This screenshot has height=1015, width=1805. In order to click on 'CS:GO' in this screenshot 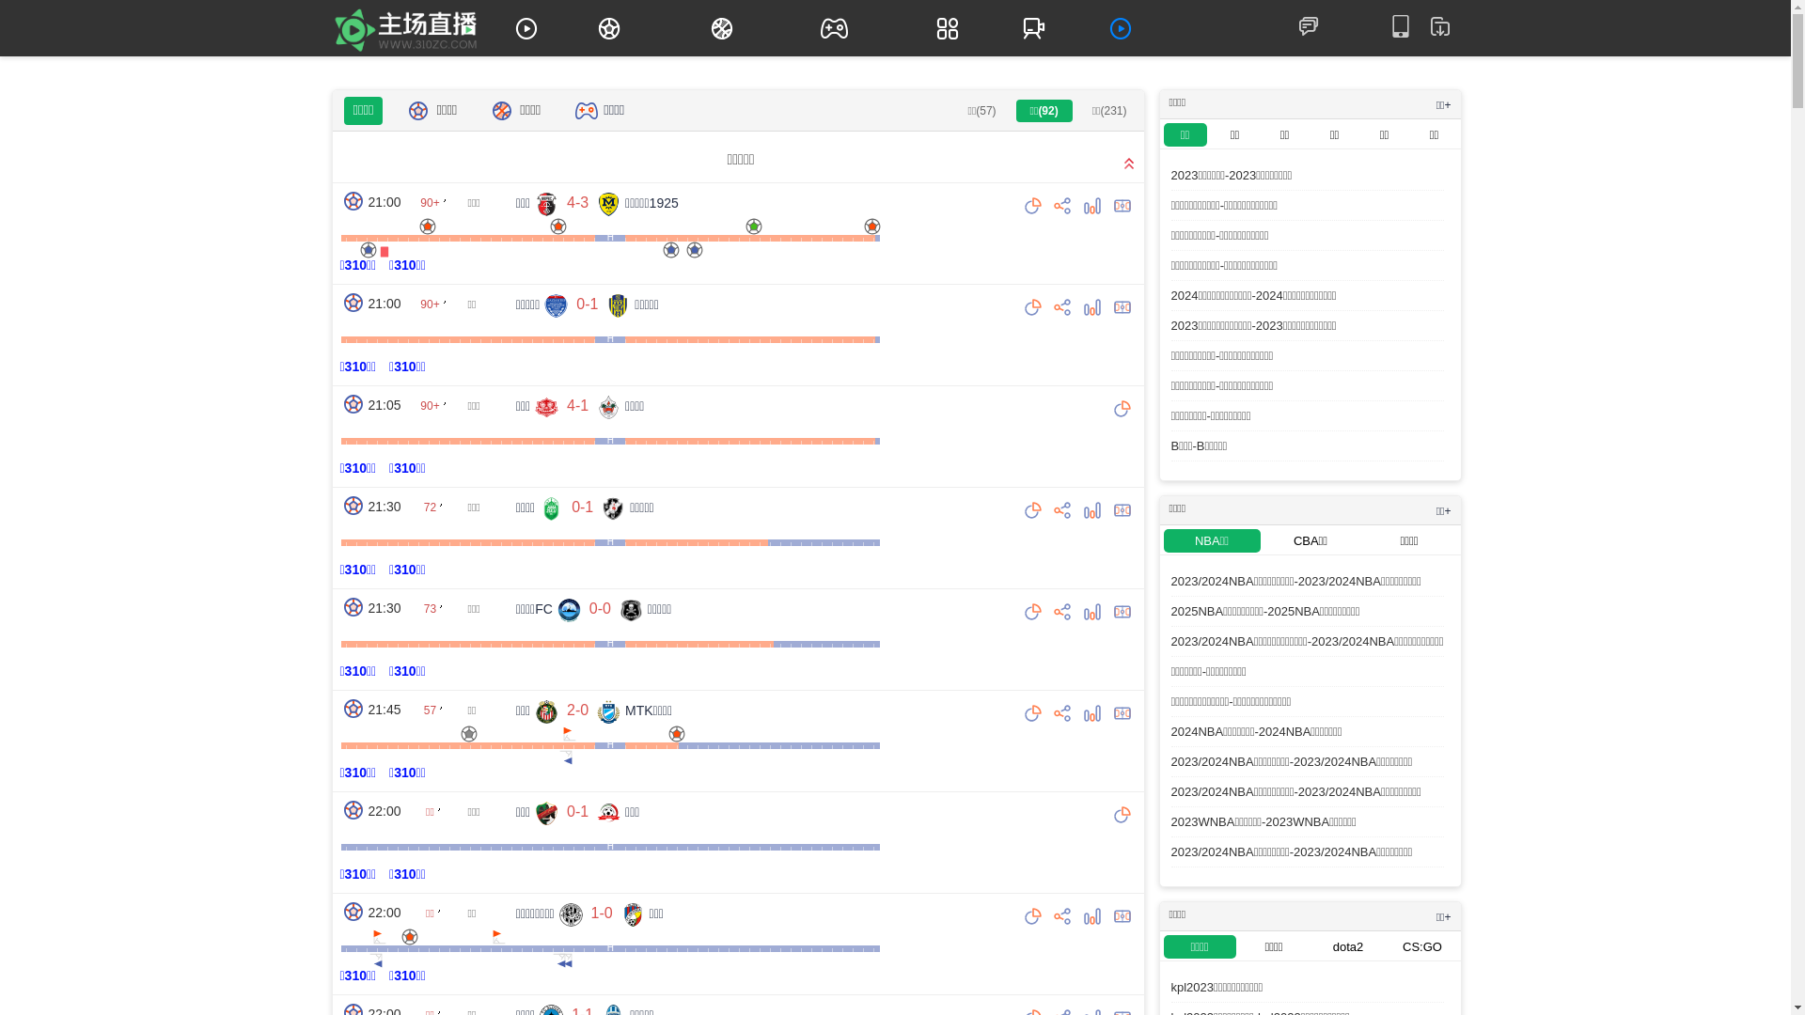, I will do `click(1385, 946)`.